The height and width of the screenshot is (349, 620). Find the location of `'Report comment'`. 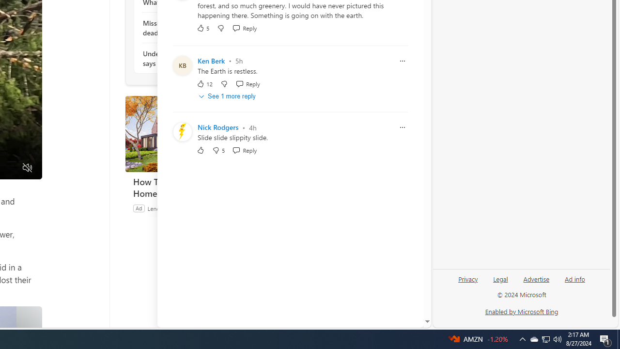

'Report comment' is located at coordinates (403, 127).